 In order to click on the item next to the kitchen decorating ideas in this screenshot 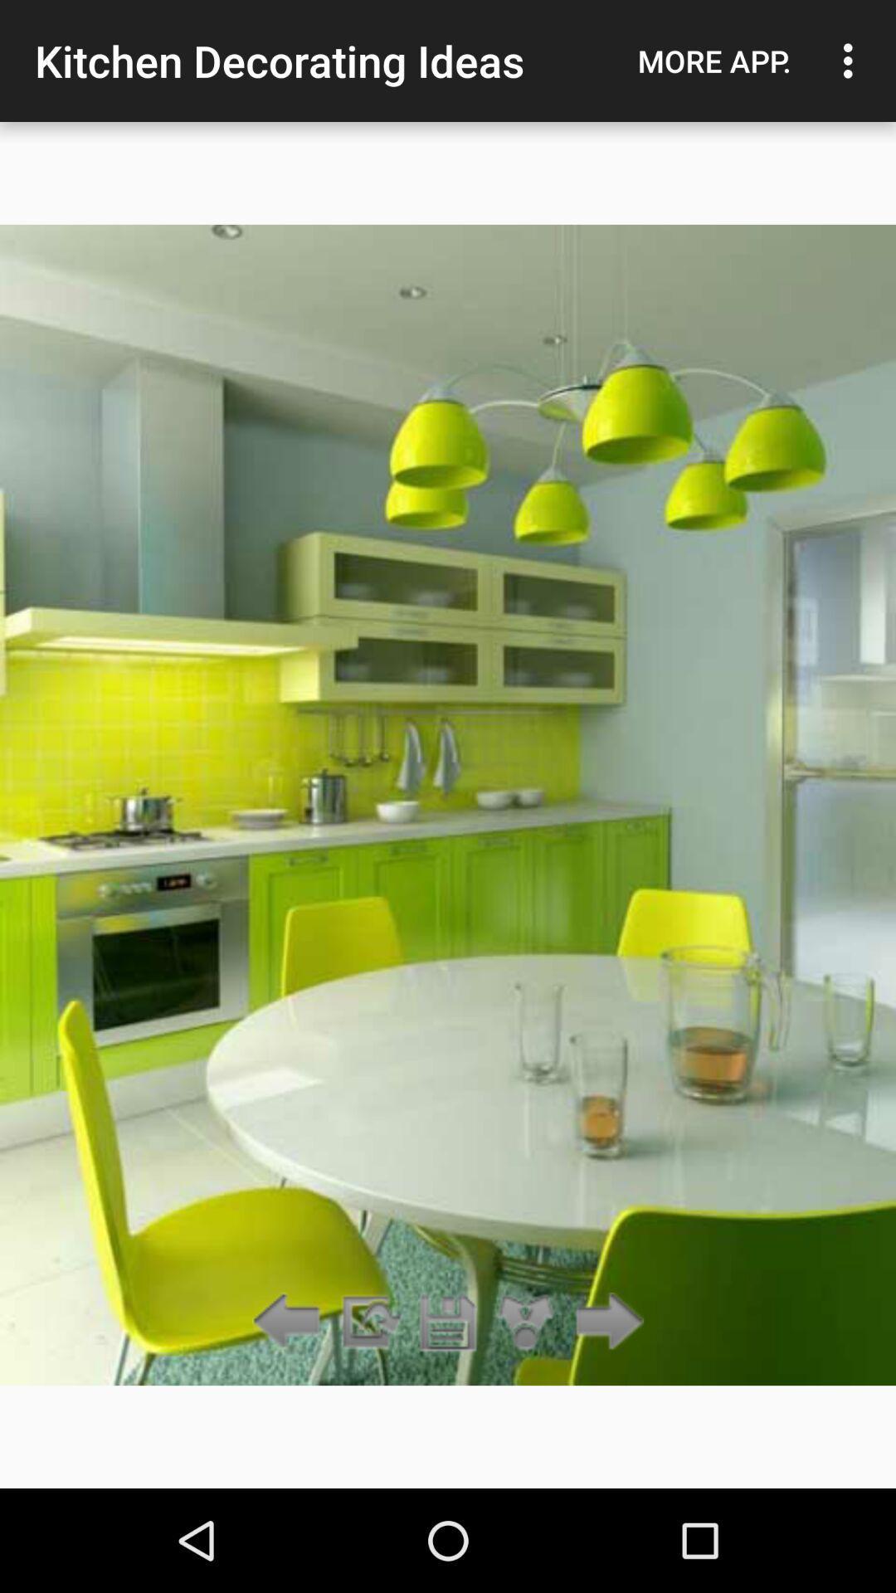, I will do `click(713, 61)`.